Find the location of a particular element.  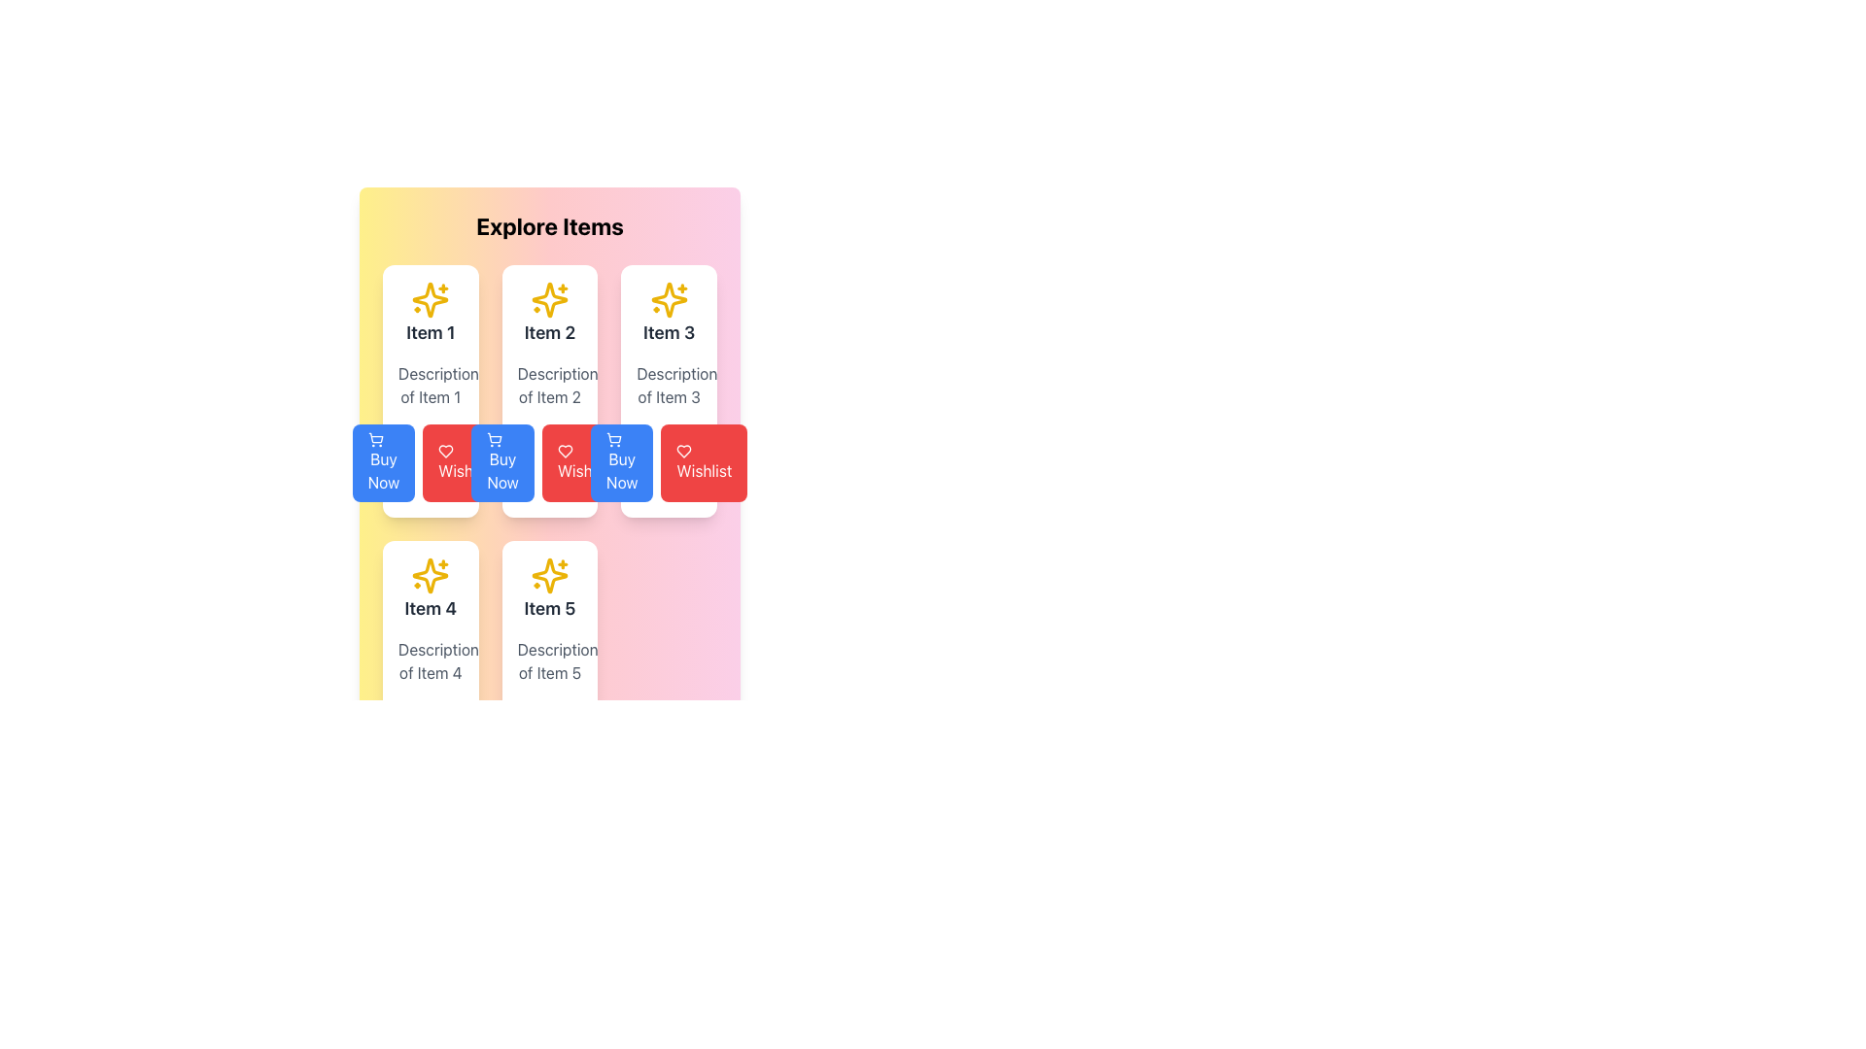

the decorative icon located at the top section of the card for 'Item 2', which enhances the visual appeal without any interactive behavior is located at coordinates (549, 299).